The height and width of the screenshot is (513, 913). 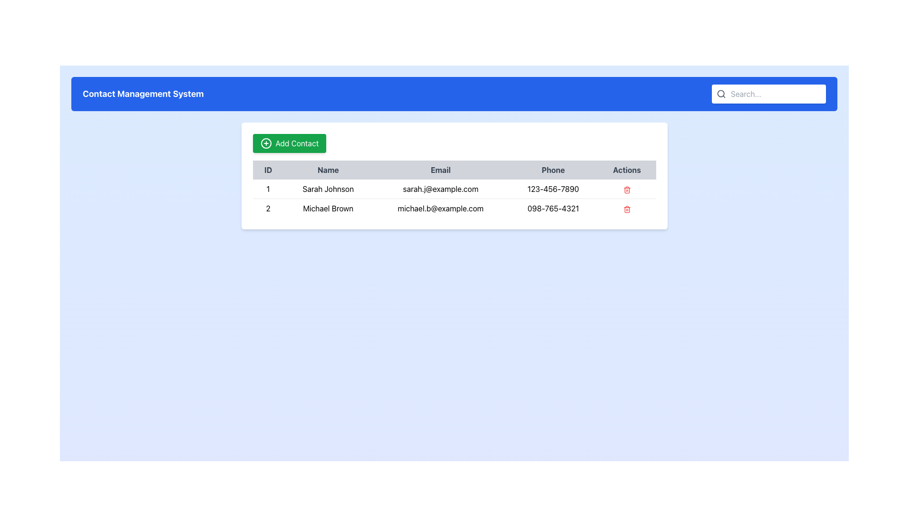 What do you see at coordinates (328, 170) in the screenshot?
I see `text content of the 'Name' header label, which is the second column in the table with a light gray background` at bounding box center [328, 170].